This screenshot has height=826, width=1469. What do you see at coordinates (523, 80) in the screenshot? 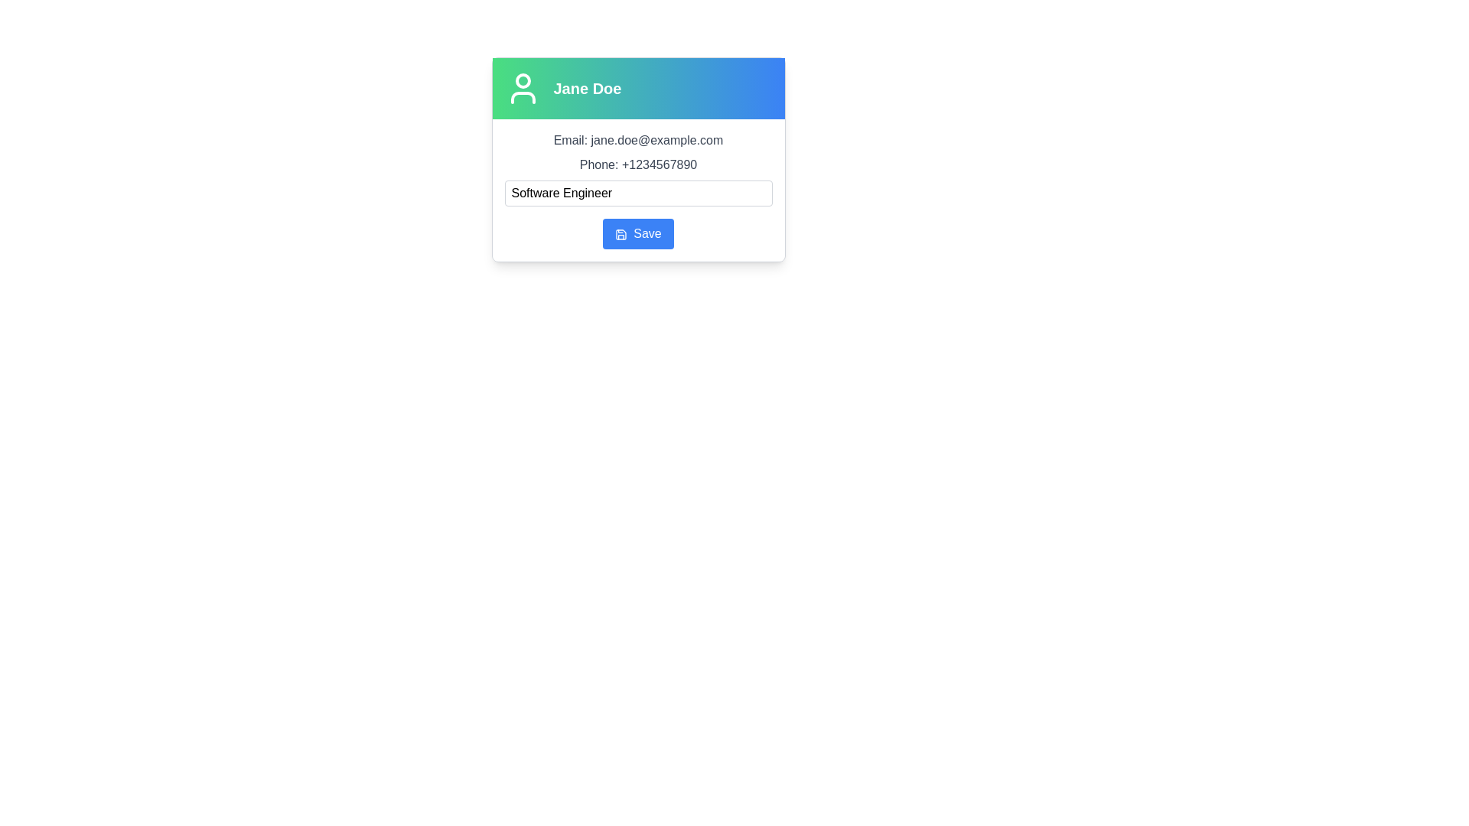
I see `the SVG Circle Element representing the user avatar within the profile section above the text 'Jane Doe'` at bounding box center [523, 80].